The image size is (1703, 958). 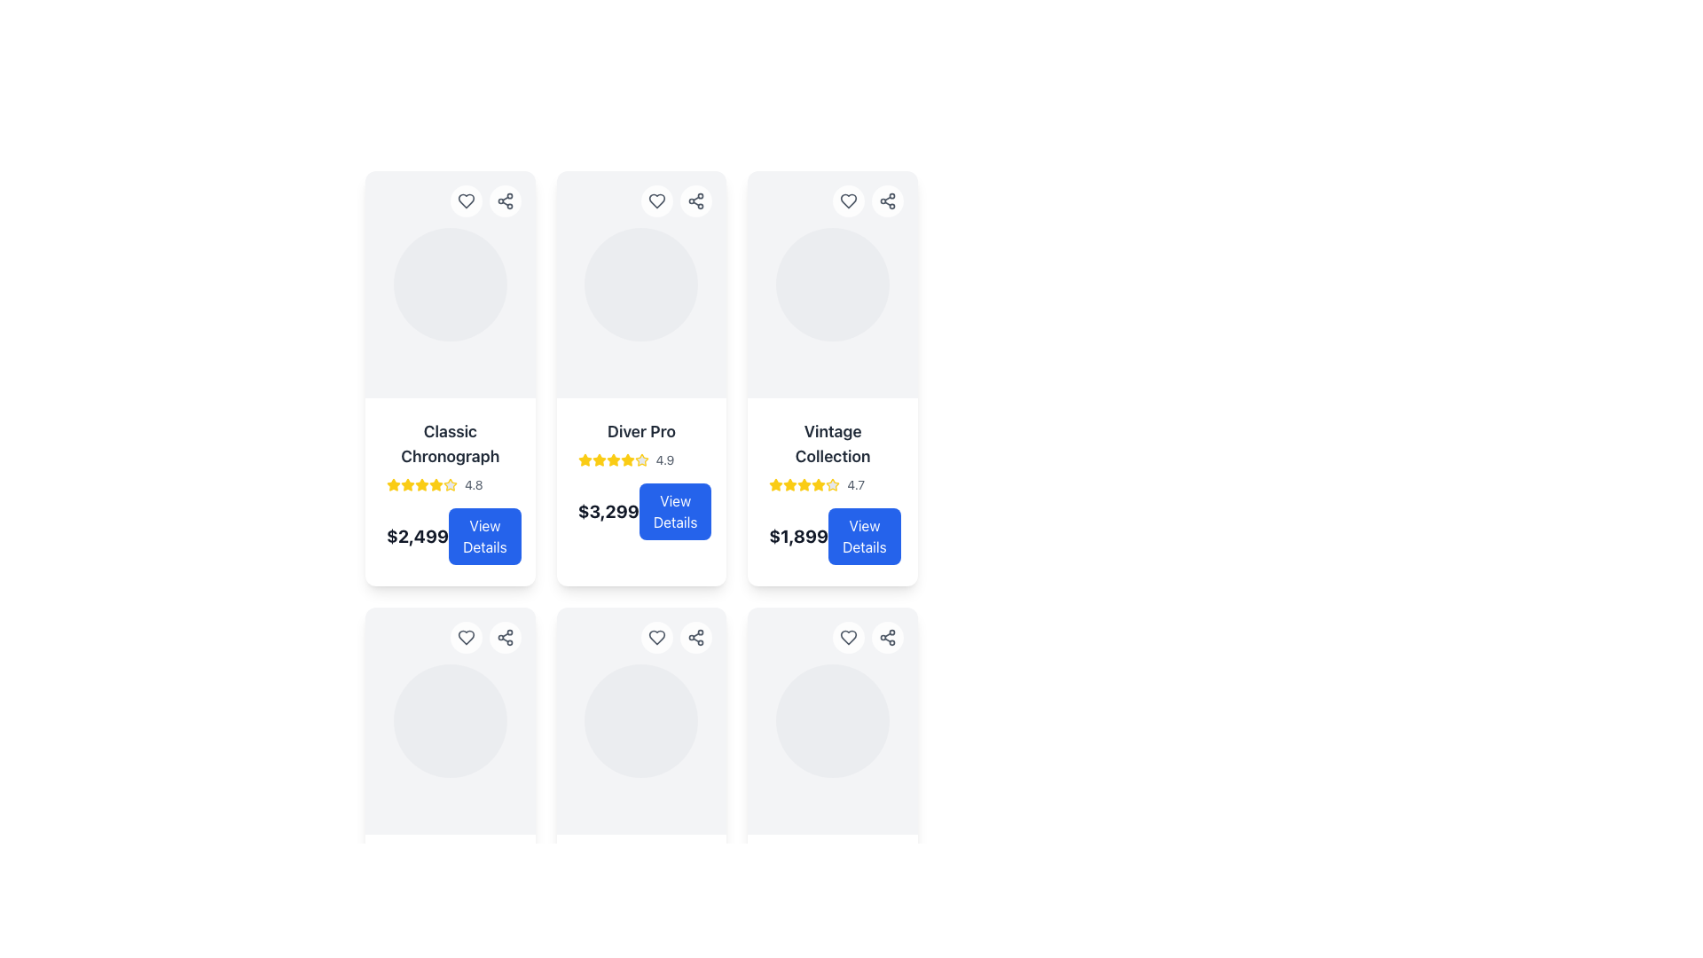 What do you see at coordinates (695, 200) in the screenshot?
I see `the 'share' icon button located at the top-right corner of the third card to observe the color change from gray to blue` at bounding box center [695, 200].